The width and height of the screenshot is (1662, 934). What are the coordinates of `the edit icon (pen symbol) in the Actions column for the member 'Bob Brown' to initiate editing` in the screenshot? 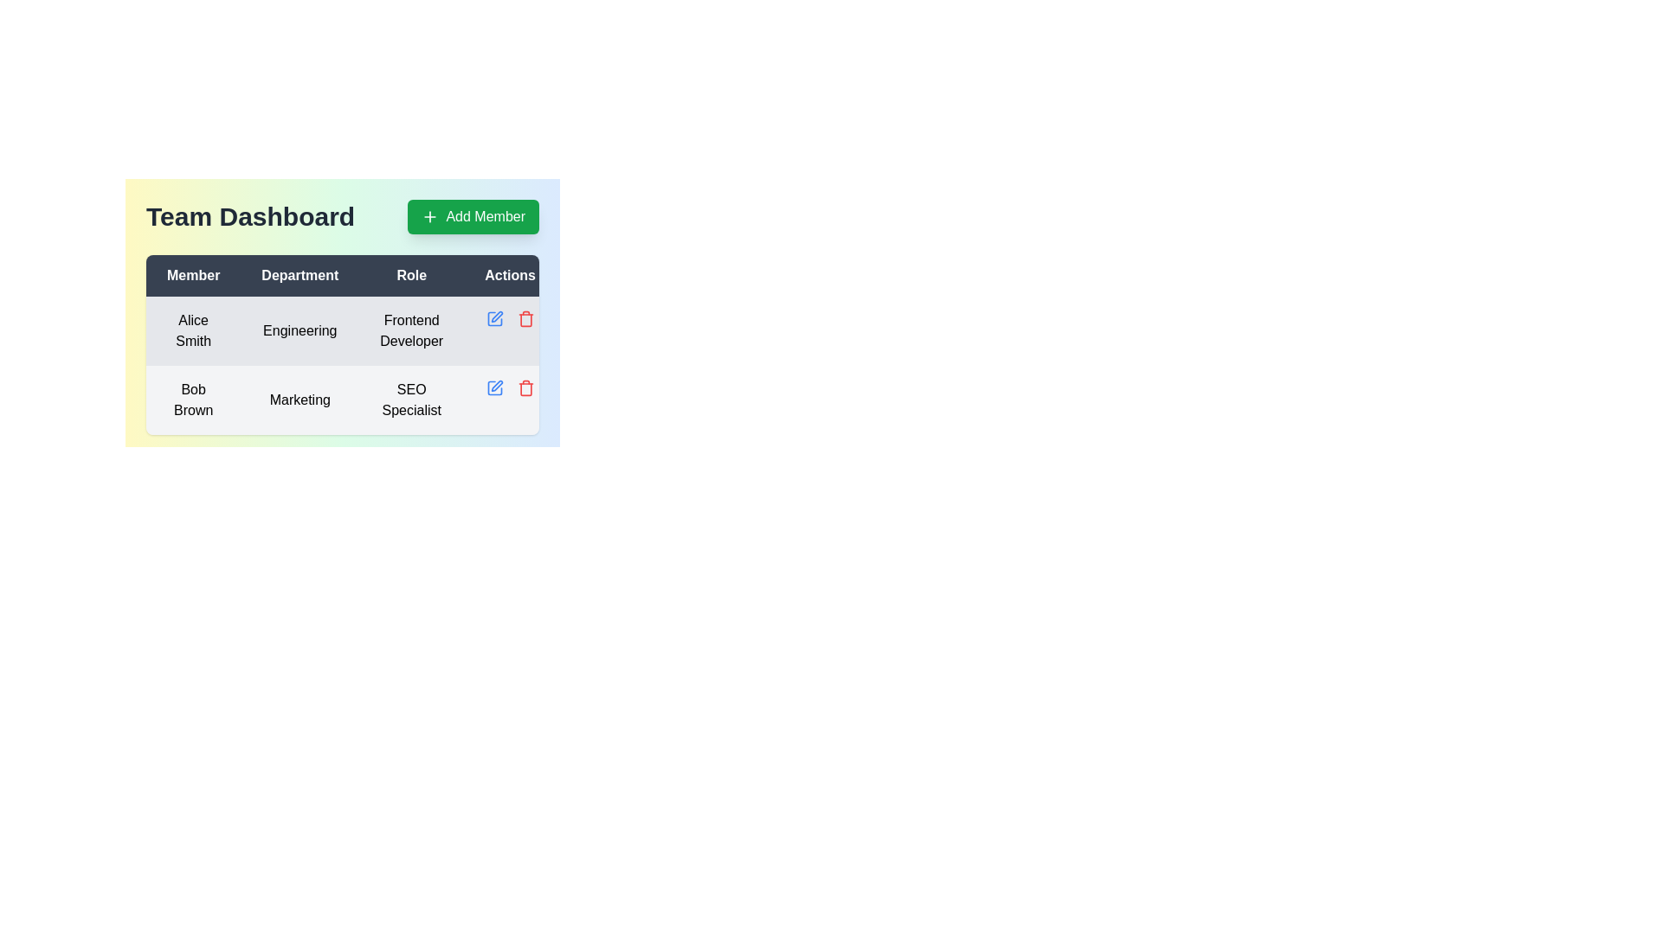 It's located at (496, 317).